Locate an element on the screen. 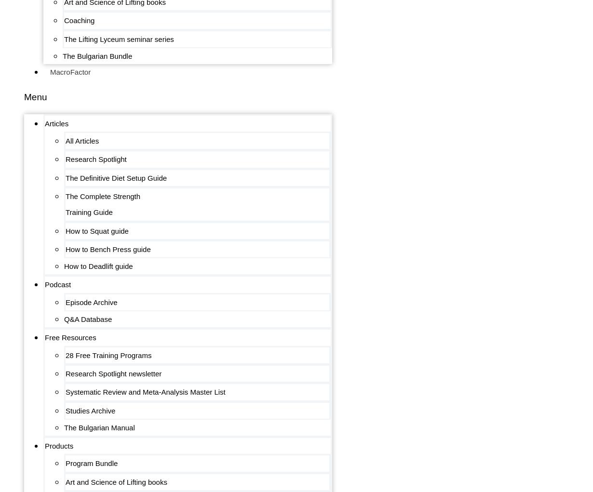 The image size is (593, 492). 'How to Bench Press guide' is located at coordinates (108, 249).